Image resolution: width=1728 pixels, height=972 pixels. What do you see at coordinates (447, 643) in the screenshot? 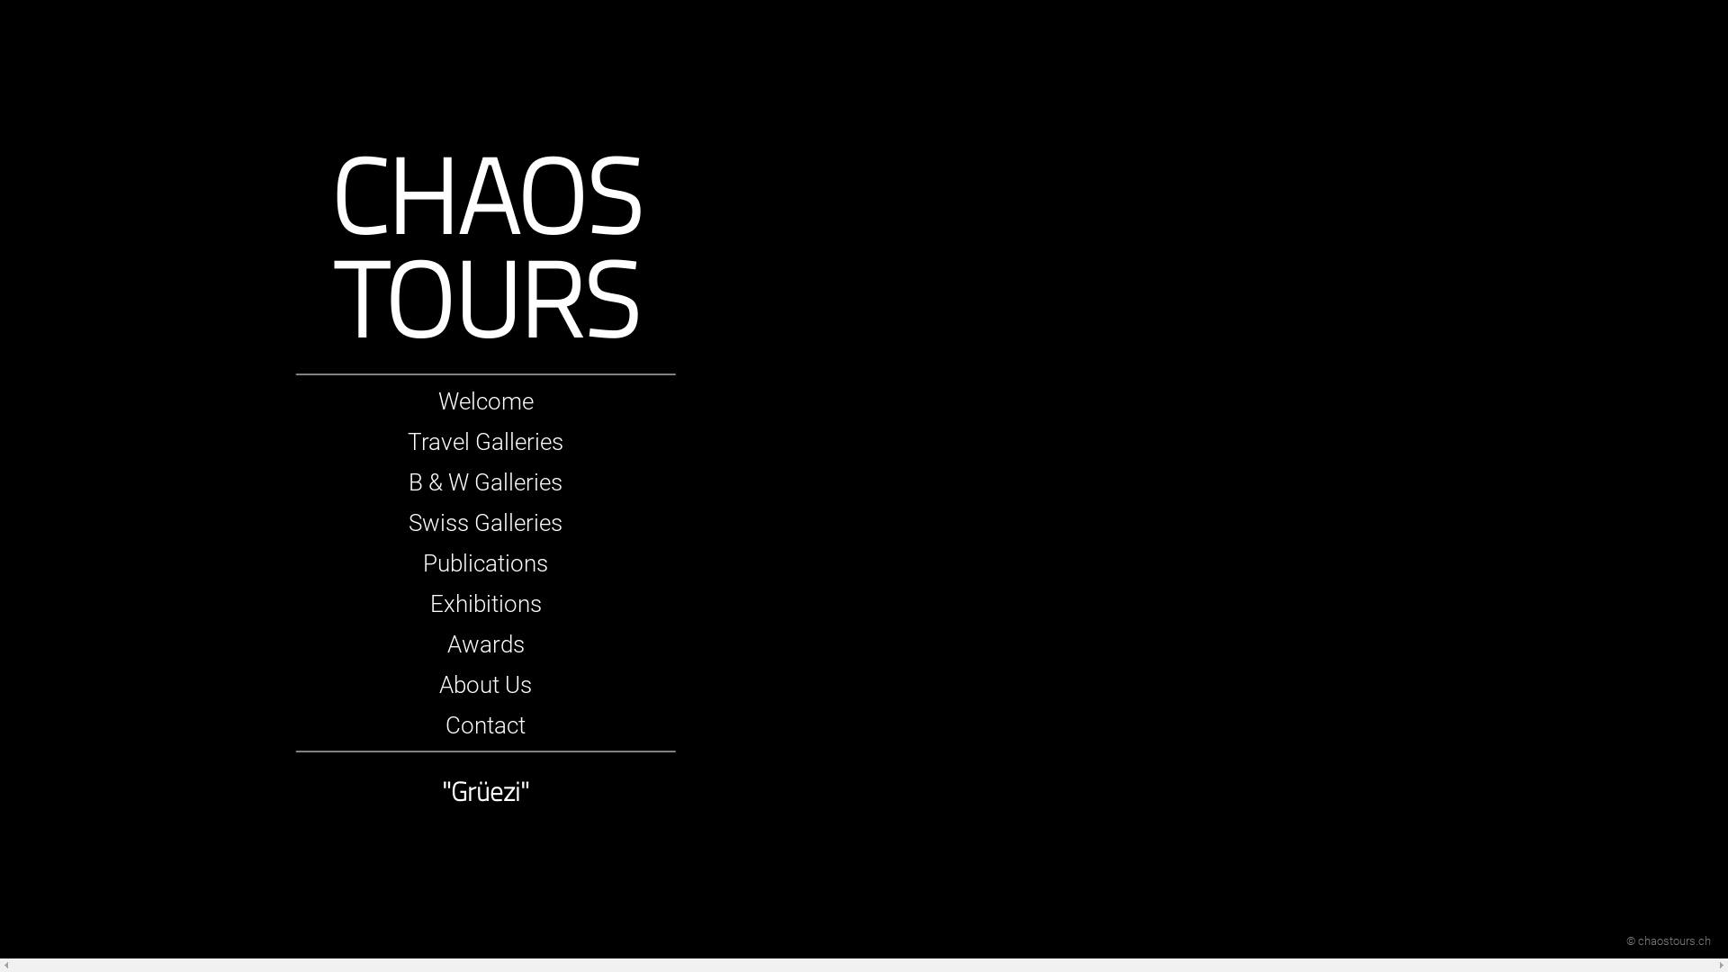
I see `'Awards'` at bounding box center [447, 643].